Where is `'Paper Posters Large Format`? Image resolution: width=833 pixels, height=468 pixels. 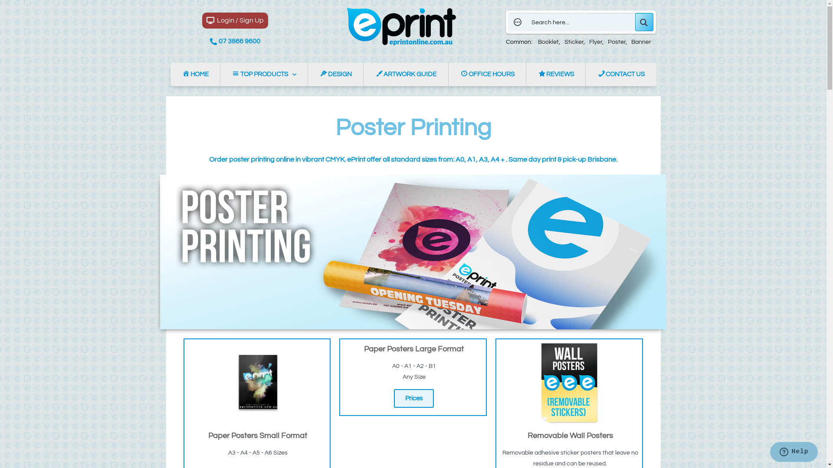 'Paper Posters Large Format is located at coordinates (339, 377).